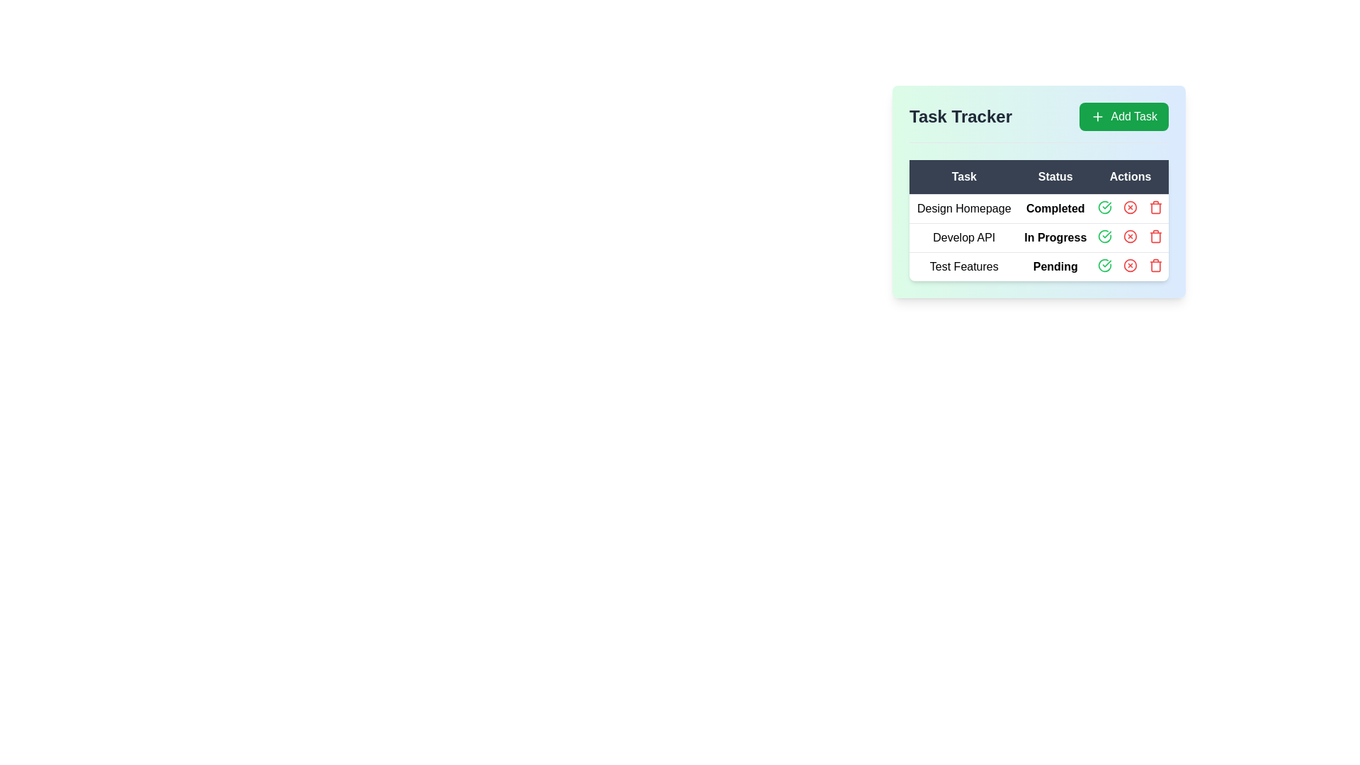  I want to click on the static text label reading 'Develop API' located in the second row of the 'Task' column in the task tracker widget, so click(963, 237).